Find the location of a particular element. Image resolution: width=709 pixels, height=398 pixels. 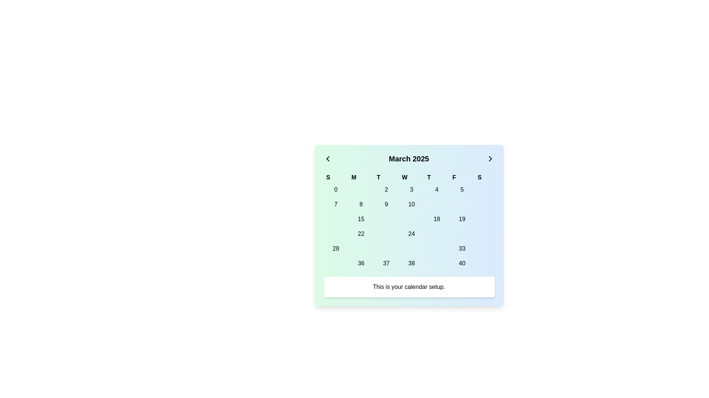

the text label displaying 'March 2025', which is prominently positioned at the top of the calendar interface and is visually centered between navigational buttons is located at coordinates (408, 158).